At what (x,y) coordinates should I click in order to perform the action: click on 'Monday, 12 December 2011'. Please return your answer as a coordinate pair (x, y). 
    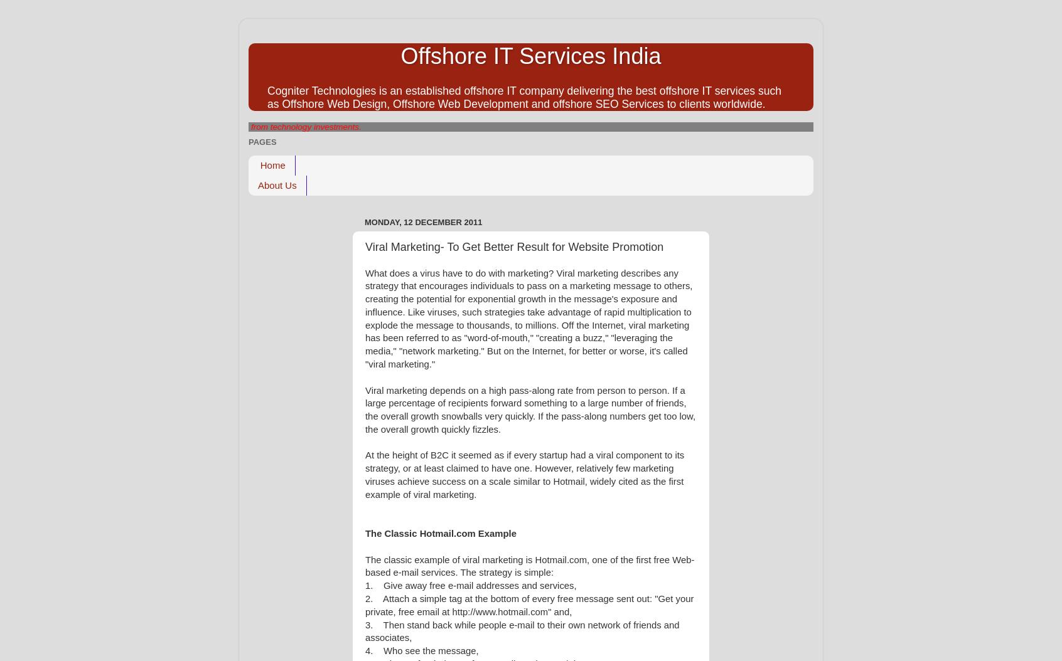
    Looking at the image, I should click on (423, 221).